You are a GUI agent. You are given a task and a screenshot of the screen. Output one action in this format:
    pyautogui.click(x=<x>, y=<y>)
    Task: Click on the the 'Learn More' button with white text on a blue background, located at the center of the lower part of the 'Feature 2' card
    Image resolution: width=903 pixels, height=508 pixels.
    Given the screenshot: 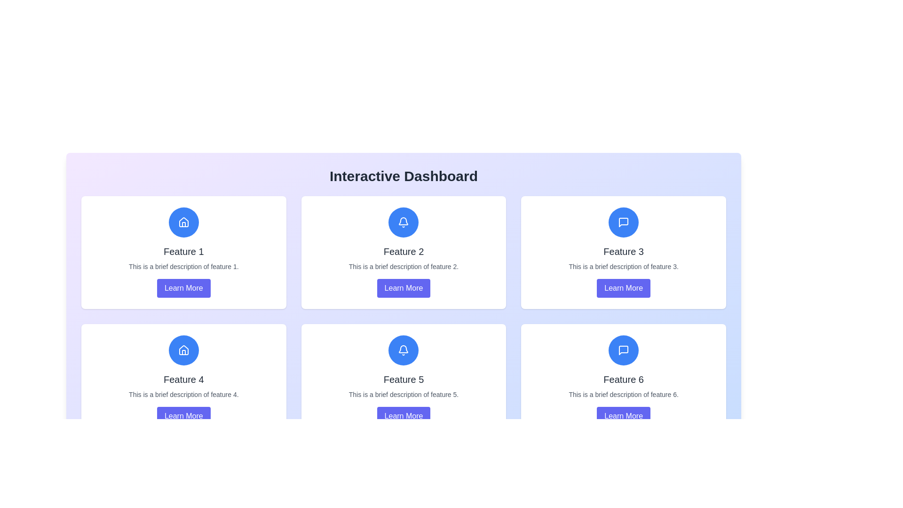 What is the action you would take?
    pyautogui.click(x=404, y=288)
    